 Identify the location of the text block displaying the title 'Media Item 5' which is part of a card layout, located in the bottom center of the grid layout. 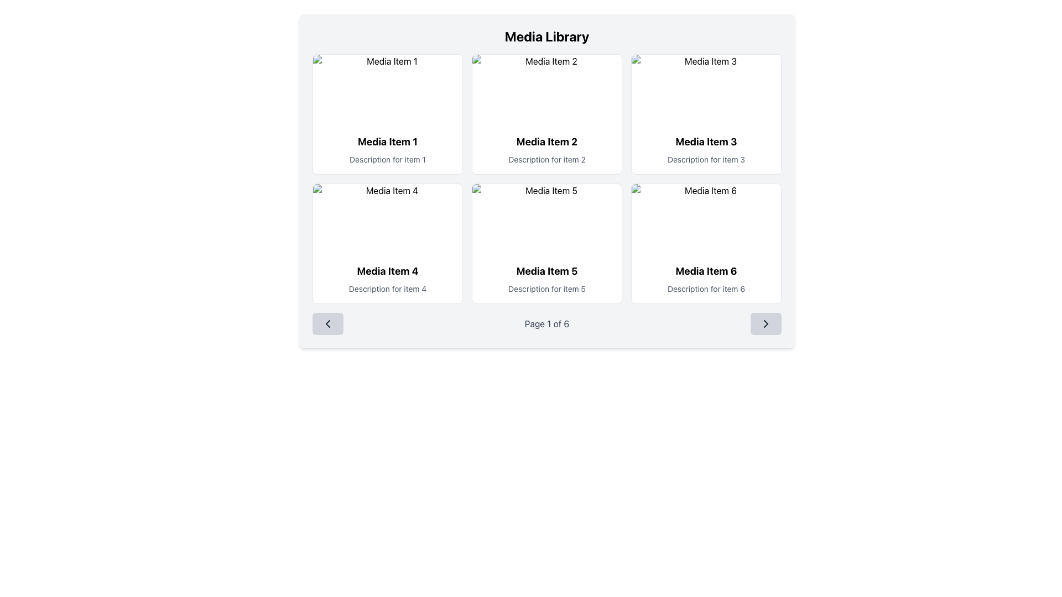
(546, 279).